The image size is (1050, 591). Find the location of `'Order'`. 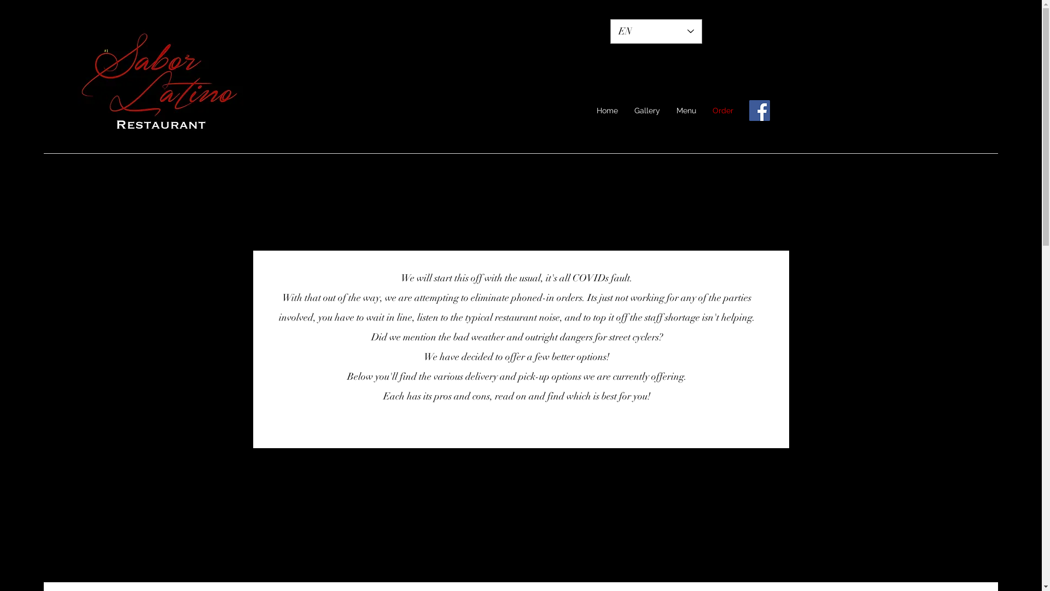

'Order' is located at coordinates (704, 111).